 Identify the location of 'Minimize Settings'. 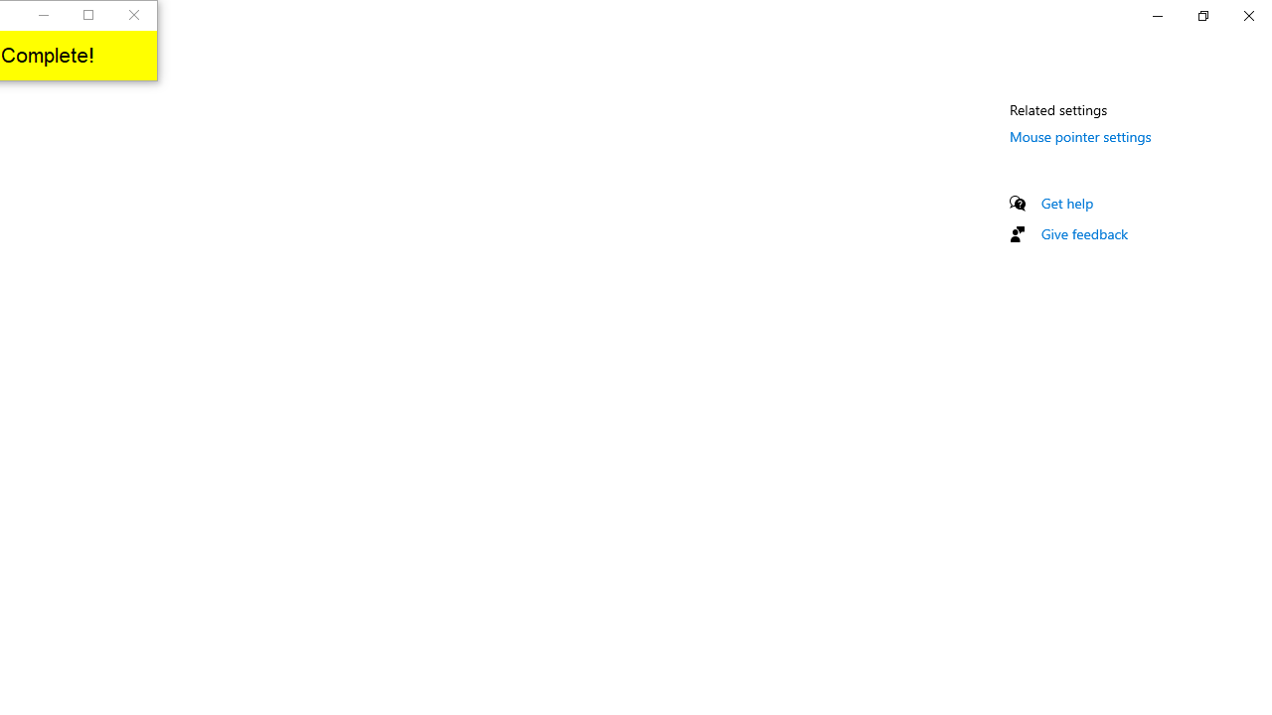
(1157, 15).